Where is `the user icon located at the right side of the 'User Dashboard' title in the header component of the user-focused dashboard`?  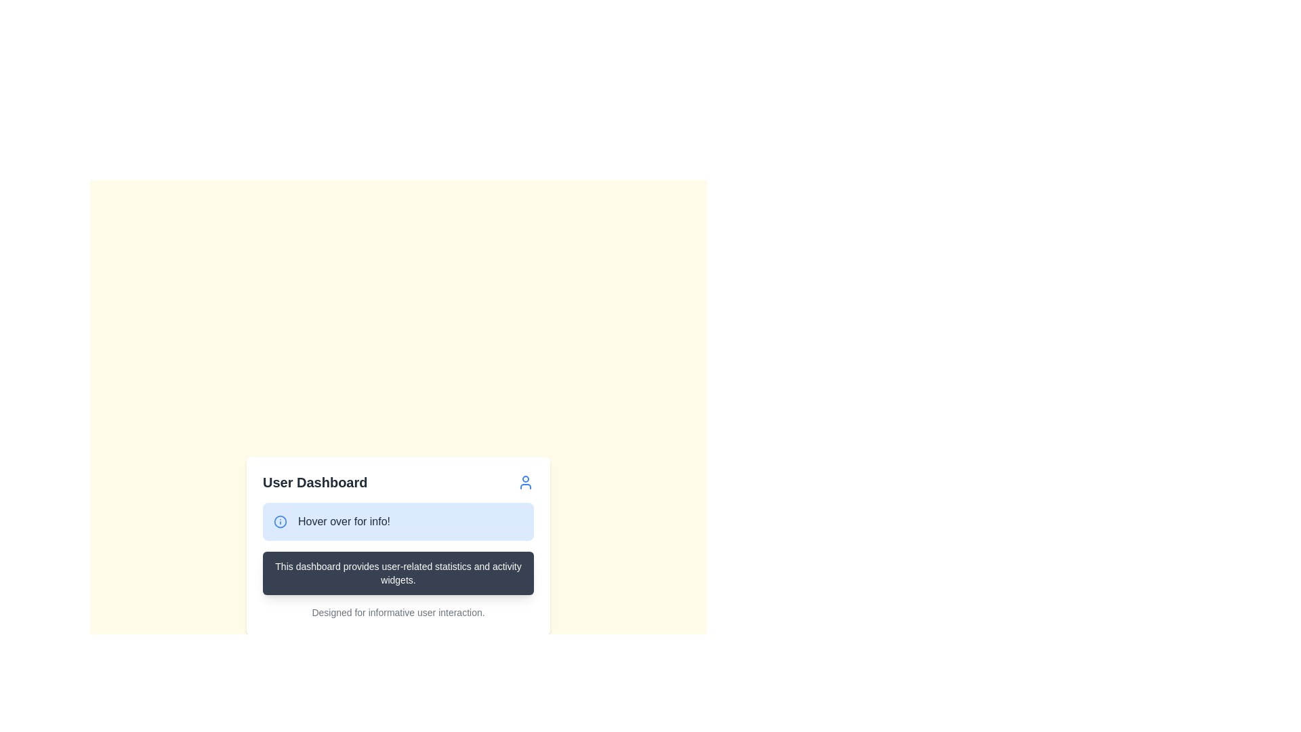
the user icon located at the right side of the 'User Dashboard' title in the header component of the user-focused dashboard is located at coordinates (398, 482).